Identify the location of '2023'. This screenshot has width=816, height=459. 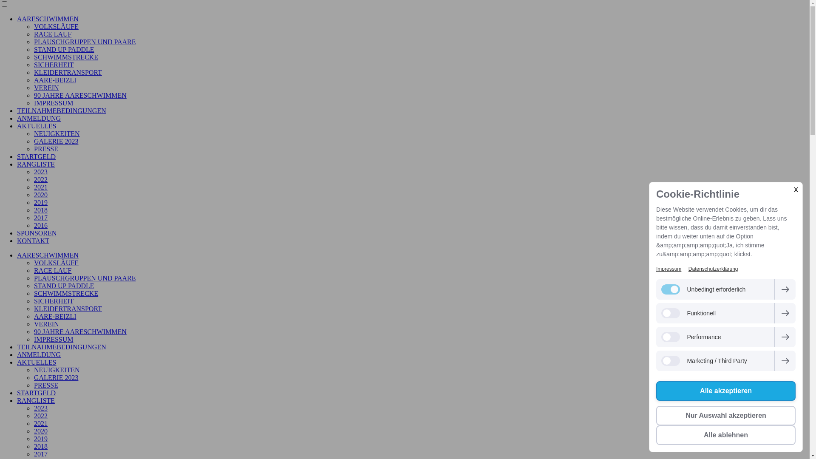
(40, 408).